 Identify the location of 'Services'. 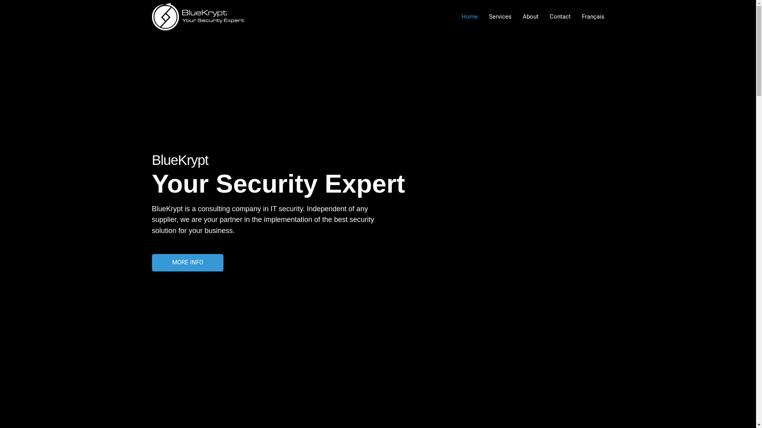
(483, 17).